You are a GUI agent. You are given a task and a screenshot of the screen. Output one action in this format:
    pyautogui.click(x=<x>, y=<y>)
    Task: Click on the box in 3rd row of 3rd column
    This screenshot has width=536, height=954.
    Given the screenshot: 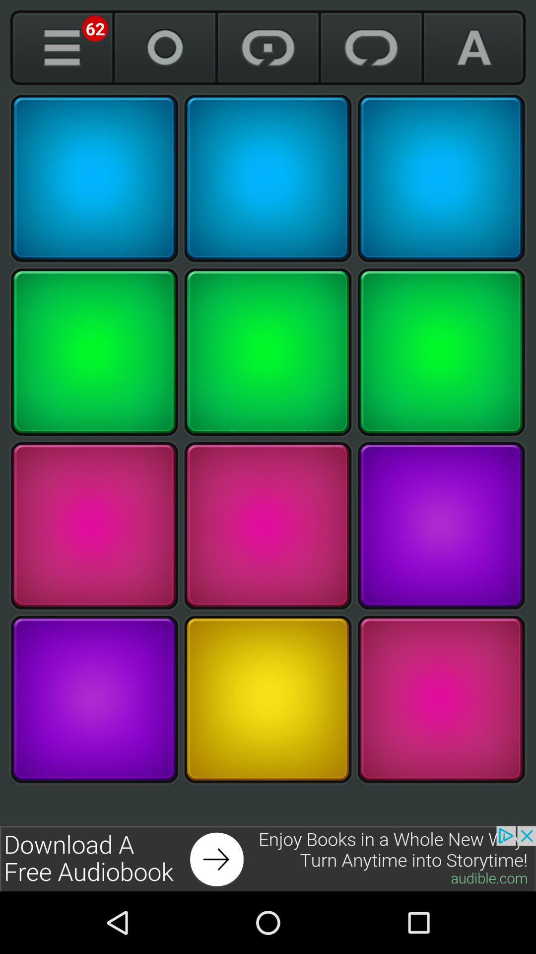 What is the action you would take?
    pyautogui.click(x=441, y=525)
    